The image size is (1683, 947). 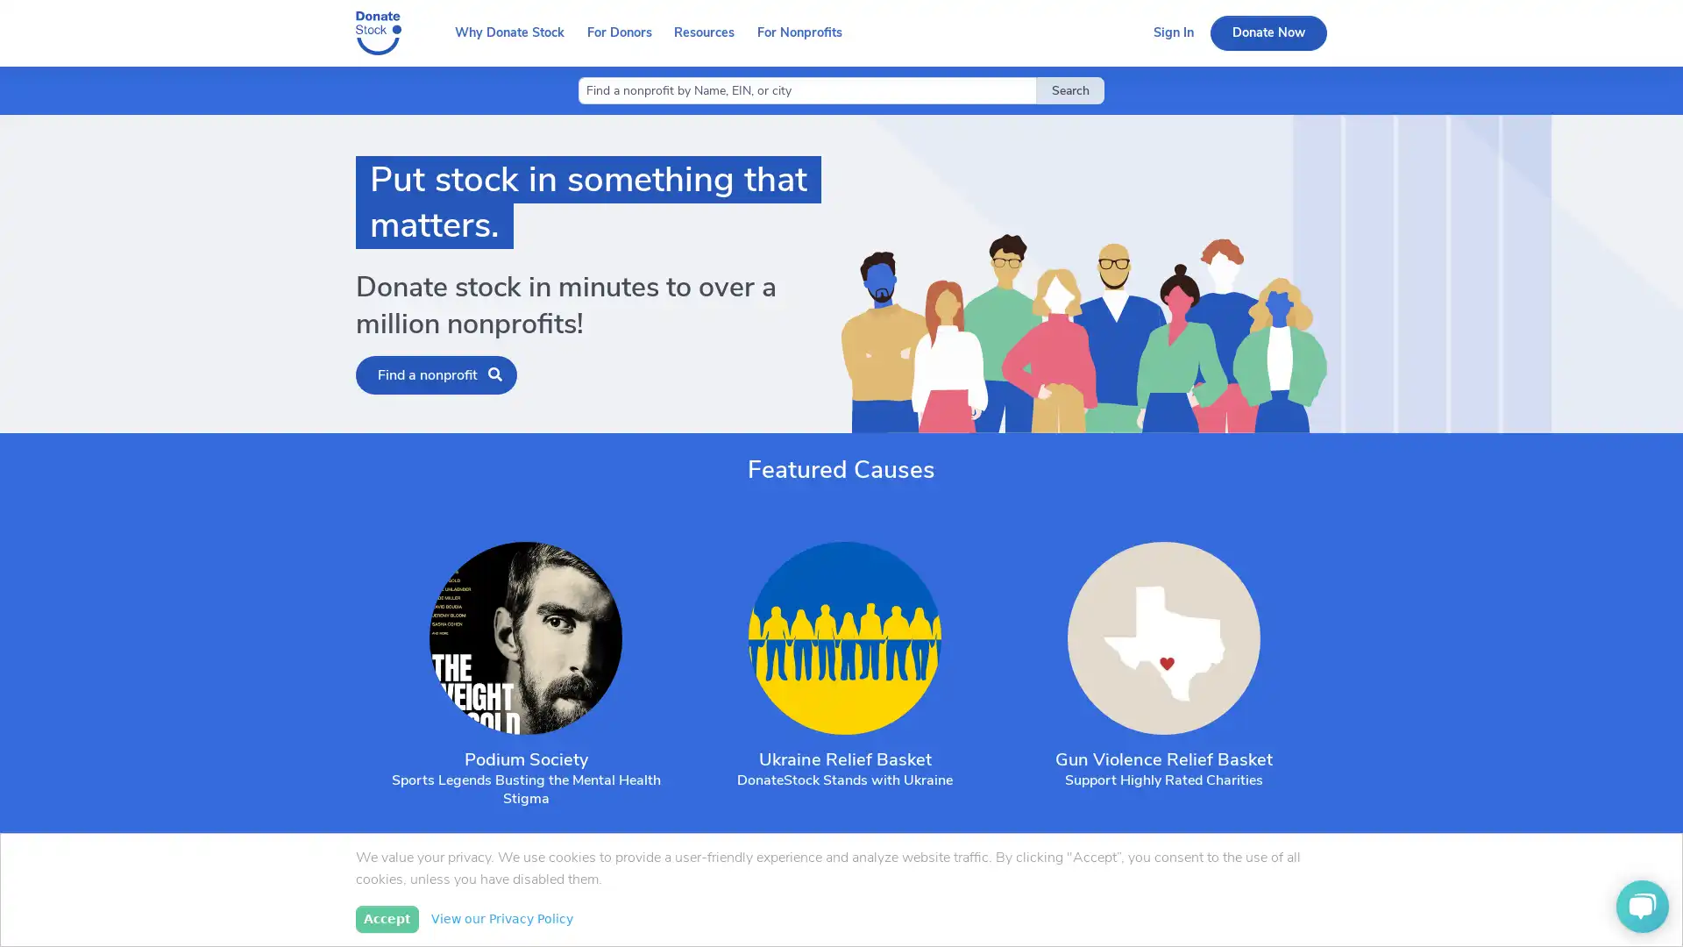 I want to click on Accept, so click(x=386, y=918).